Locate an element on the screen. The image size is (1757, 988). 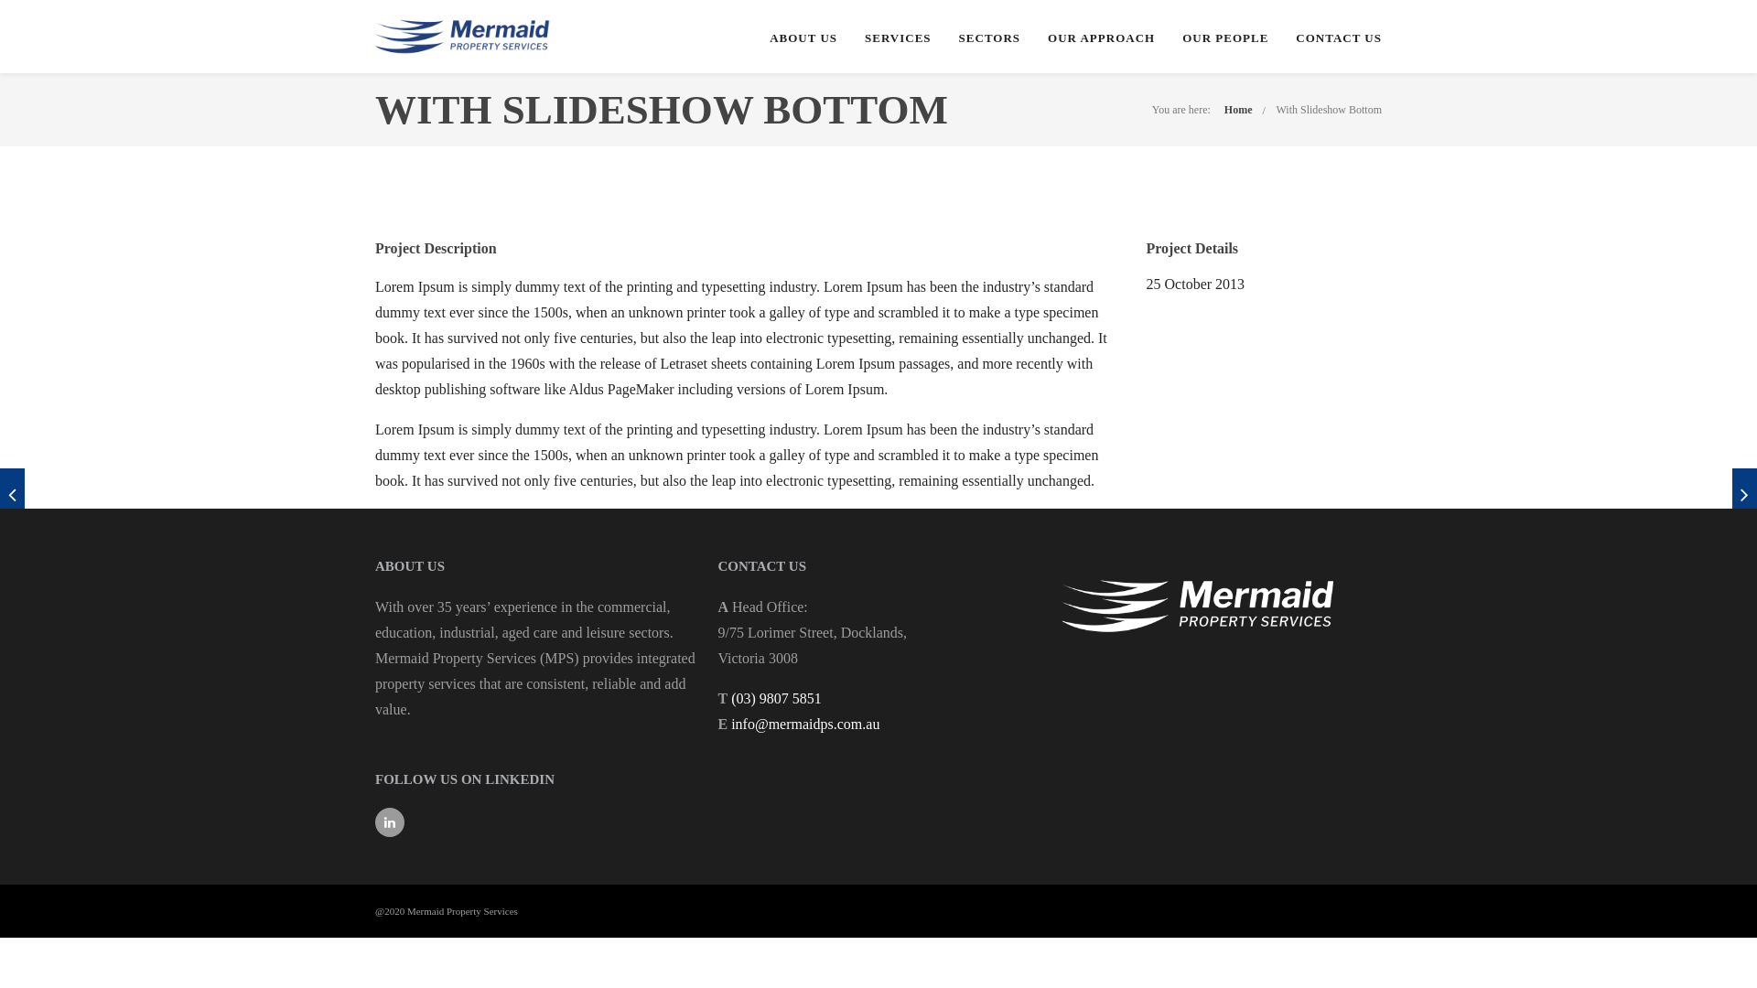
'CONTACT US' is located at coordinates (1339, 38).